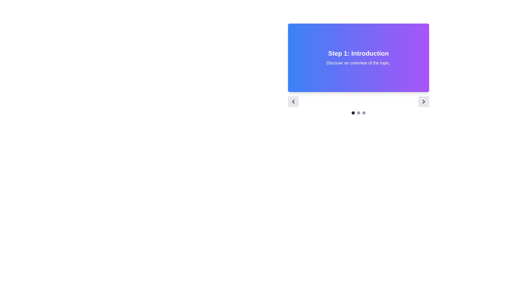  What do you see at coordinates (353, 112) in the screenshot?
I see `the active indicator dot, which represents the first step in a multi-step interface located at the bottom of the card-like section` at bounding box center [353, 112].